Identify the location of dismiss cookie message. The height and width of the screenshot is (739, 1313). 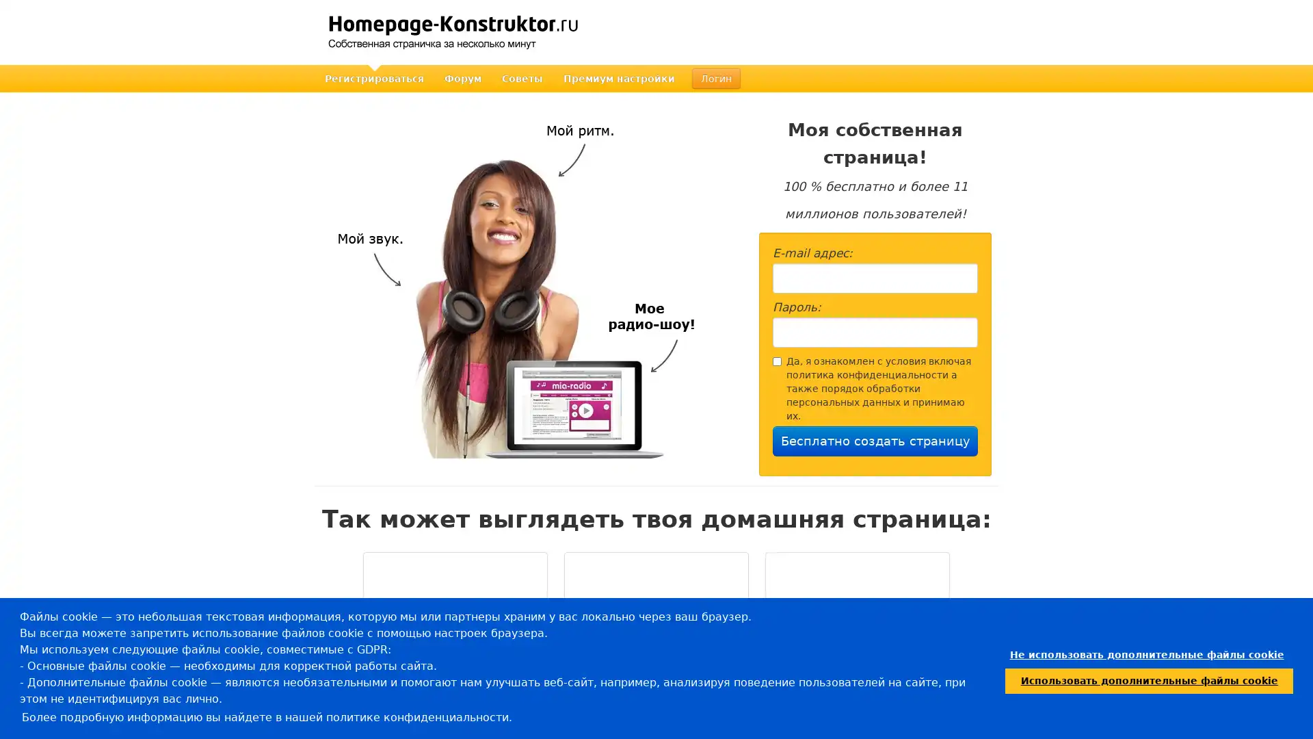
(1146, 654).